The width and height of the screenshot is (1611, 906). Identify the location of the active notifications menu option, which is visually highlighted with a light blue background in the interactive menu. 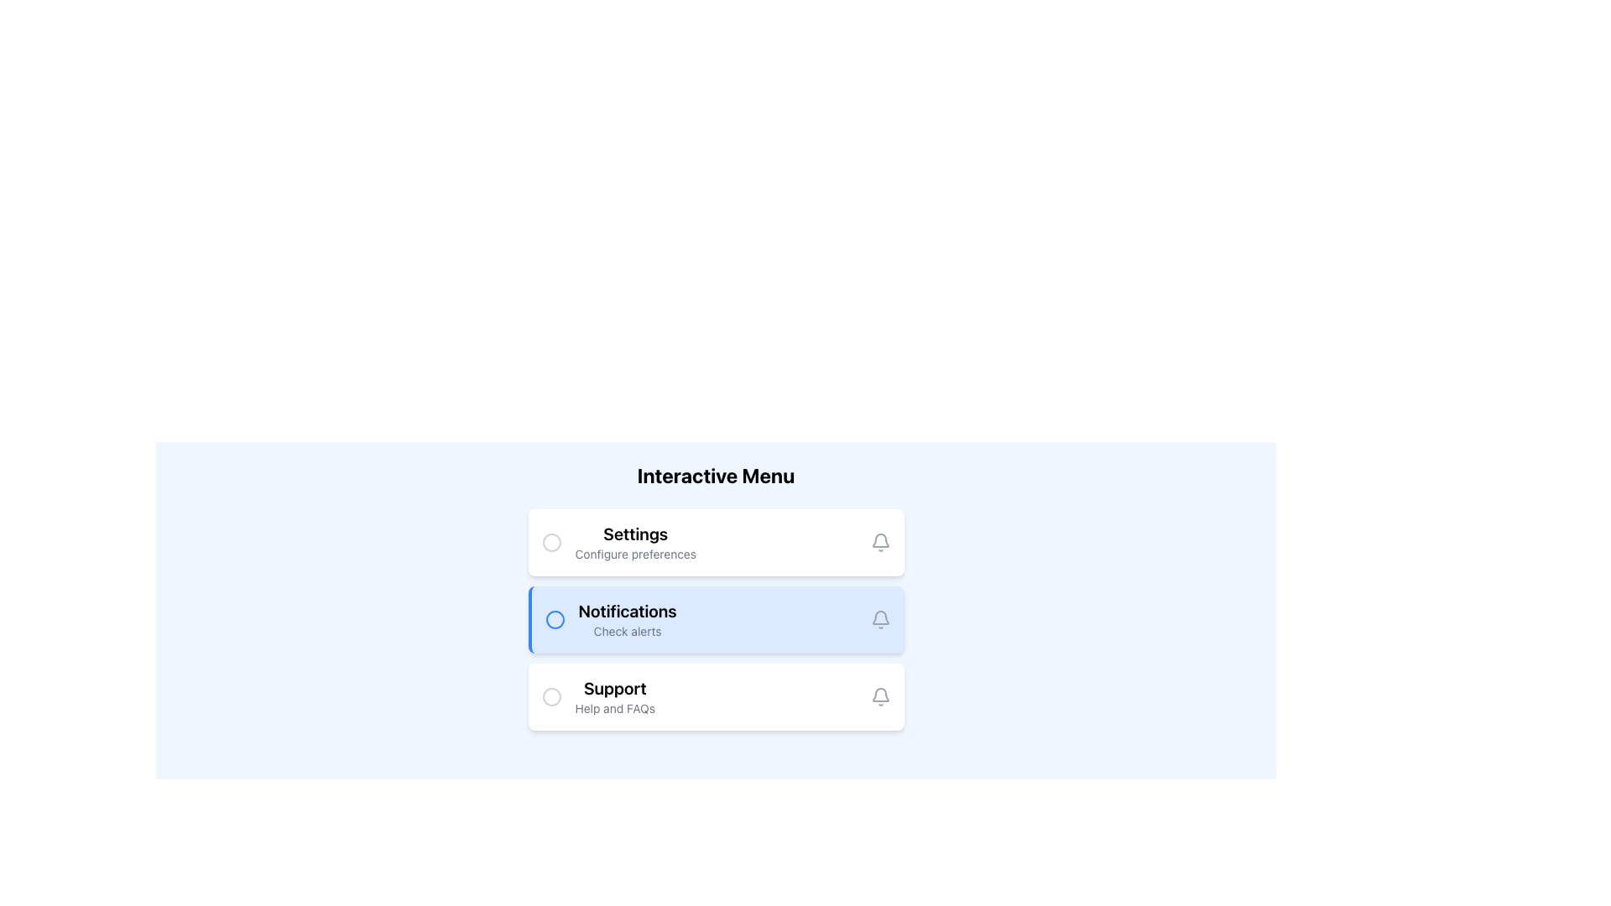
(610, 620).